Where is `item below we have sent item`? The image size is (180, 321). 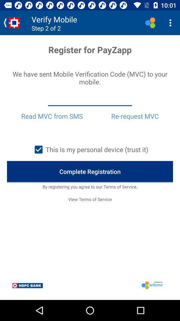 item below we have sent item is located at coordinates (90, 100).